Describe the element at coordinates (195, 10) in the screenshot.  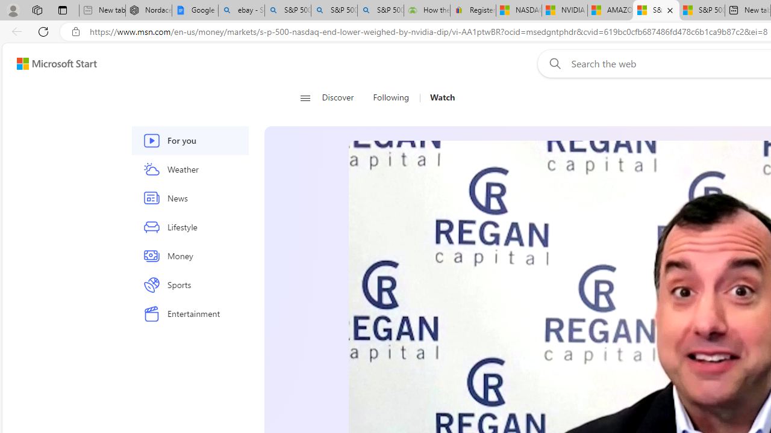
I see `'Google Docs: Online Document Editor | Google Workspace'` at that location.